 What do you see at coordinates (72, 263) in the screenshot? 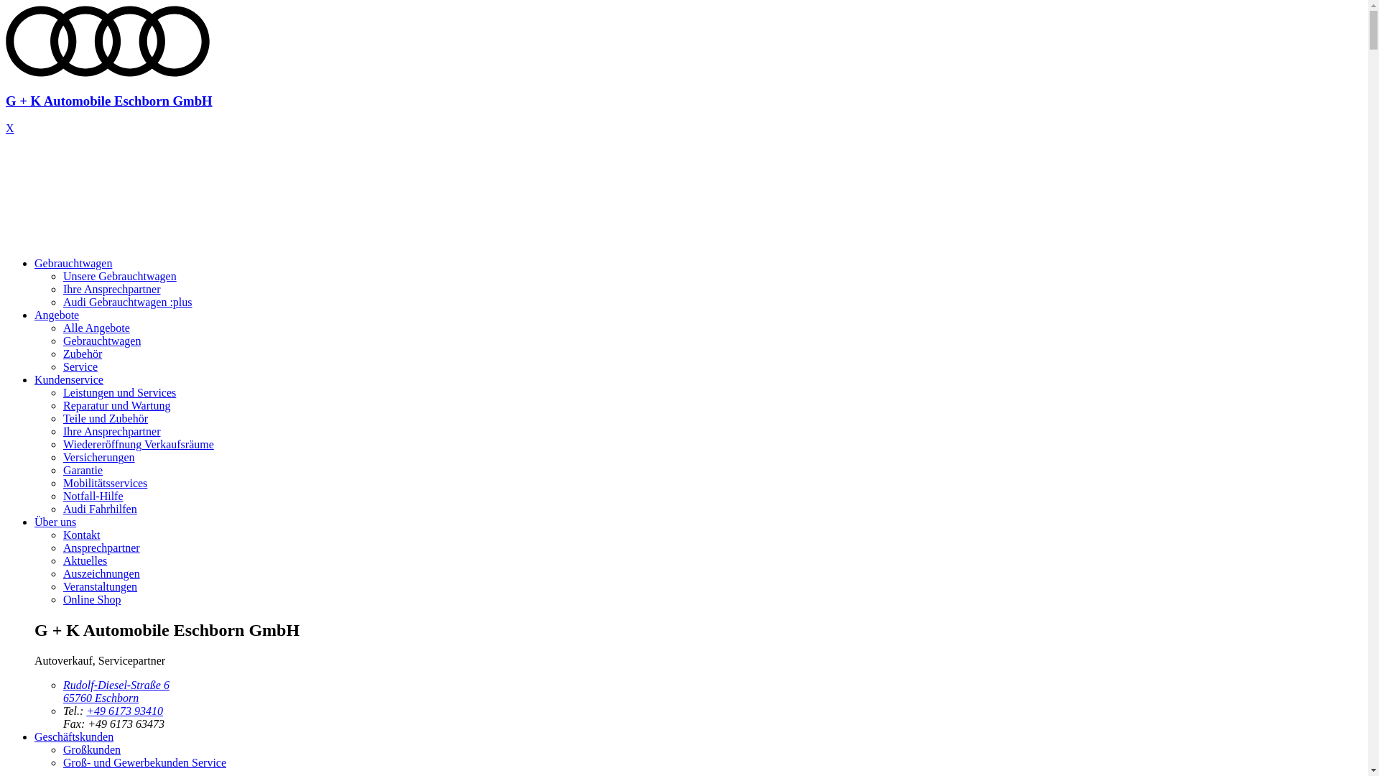
I see `'Gebrauchtwagen'` at bounding box center [72, 263].